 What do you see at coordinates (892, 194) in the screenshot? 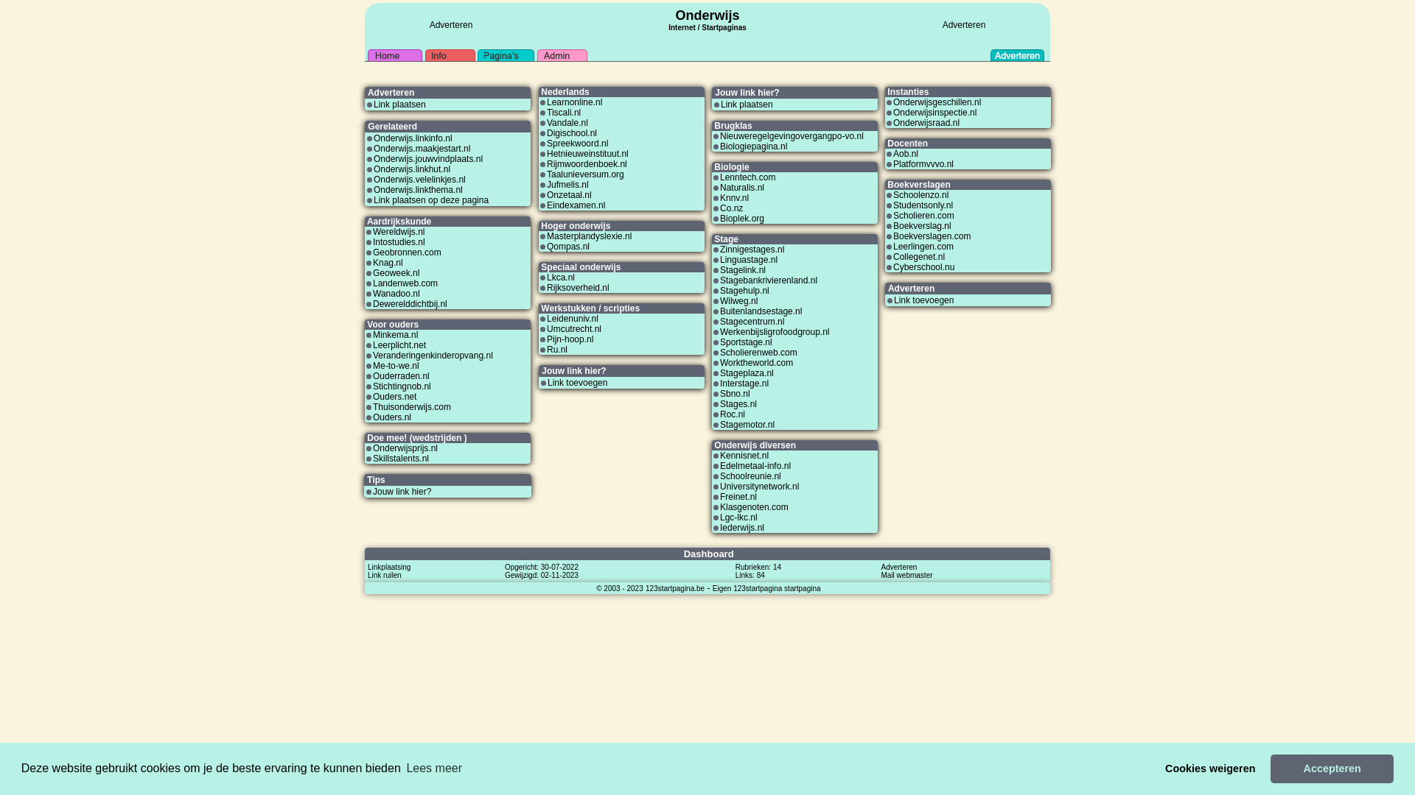
I see `'Schoolenzo.nl'` at bounding box center [892, 194].